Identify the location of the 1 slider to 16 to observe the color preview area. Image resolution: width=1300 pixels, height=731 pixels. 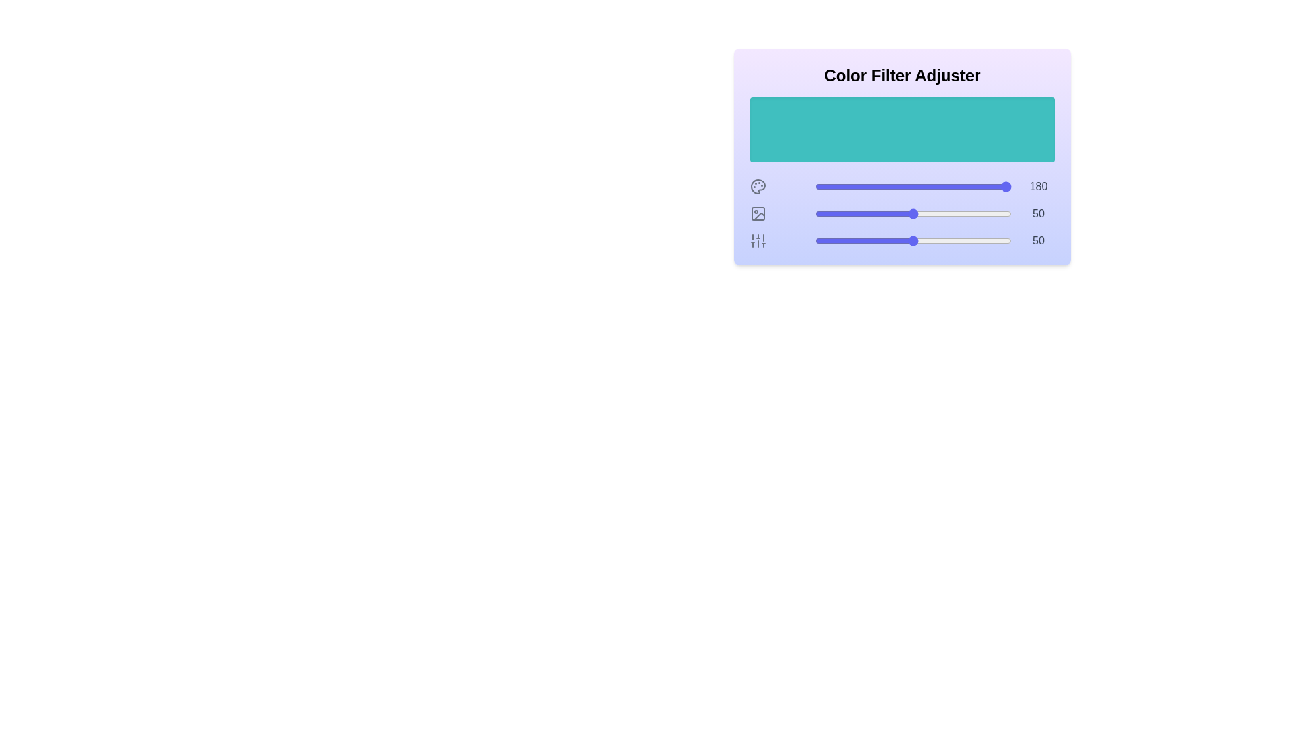
(846, 213).